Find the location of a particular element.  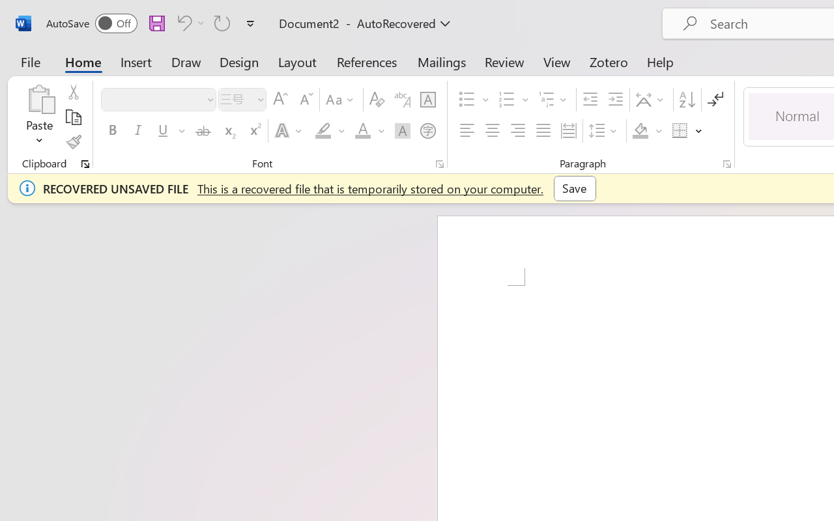

'Shading RGB(0, 0, 0)' is located at coordinates (640, 131).